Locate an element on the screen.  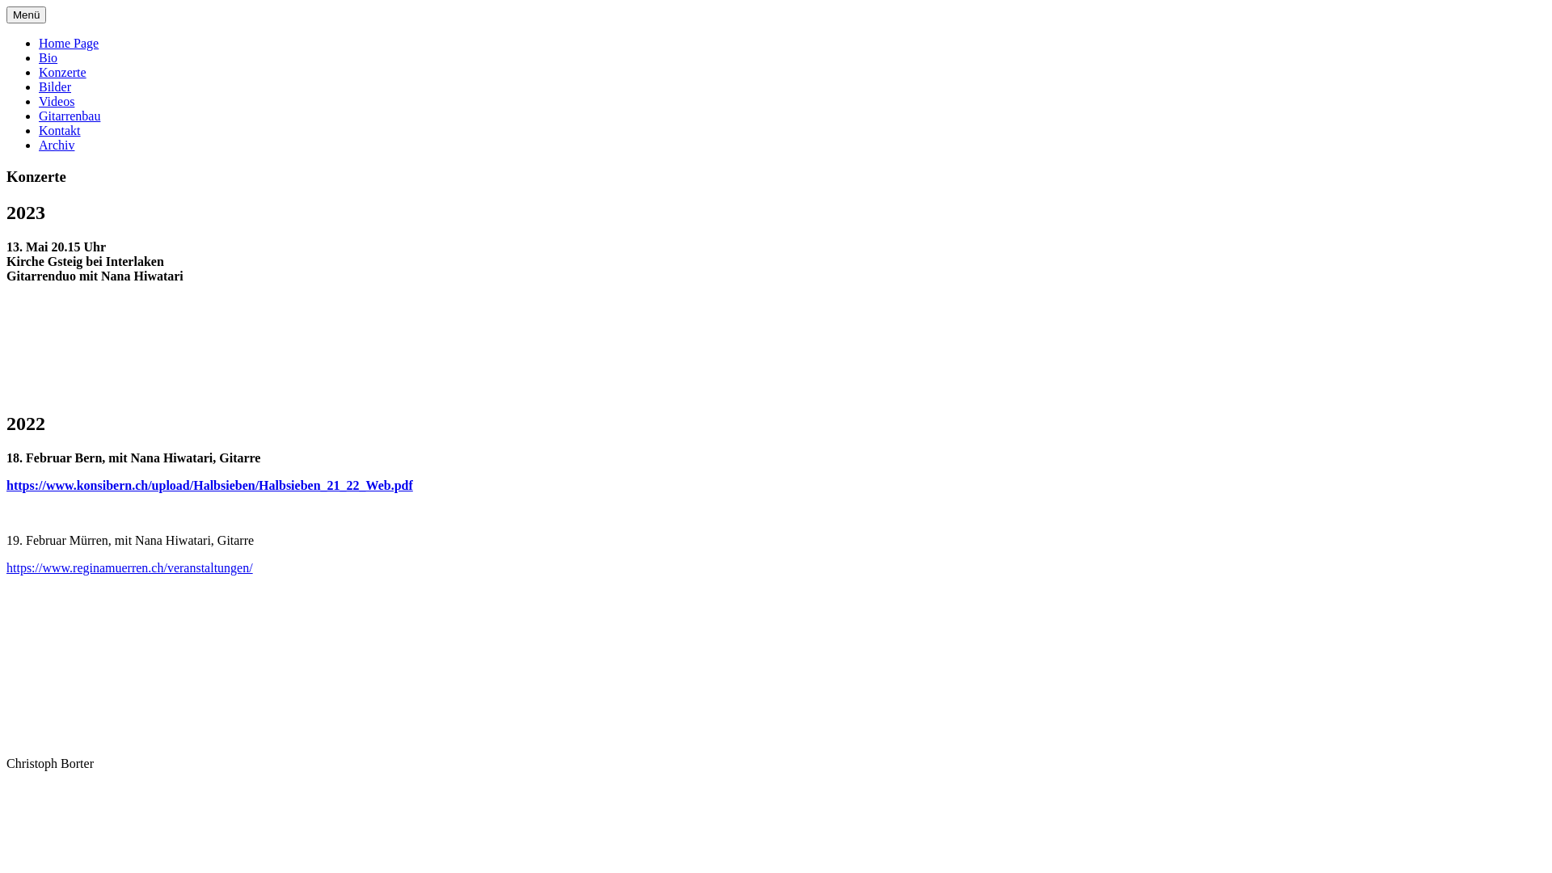
'Konzerte' is located at coordinates (62, 71).